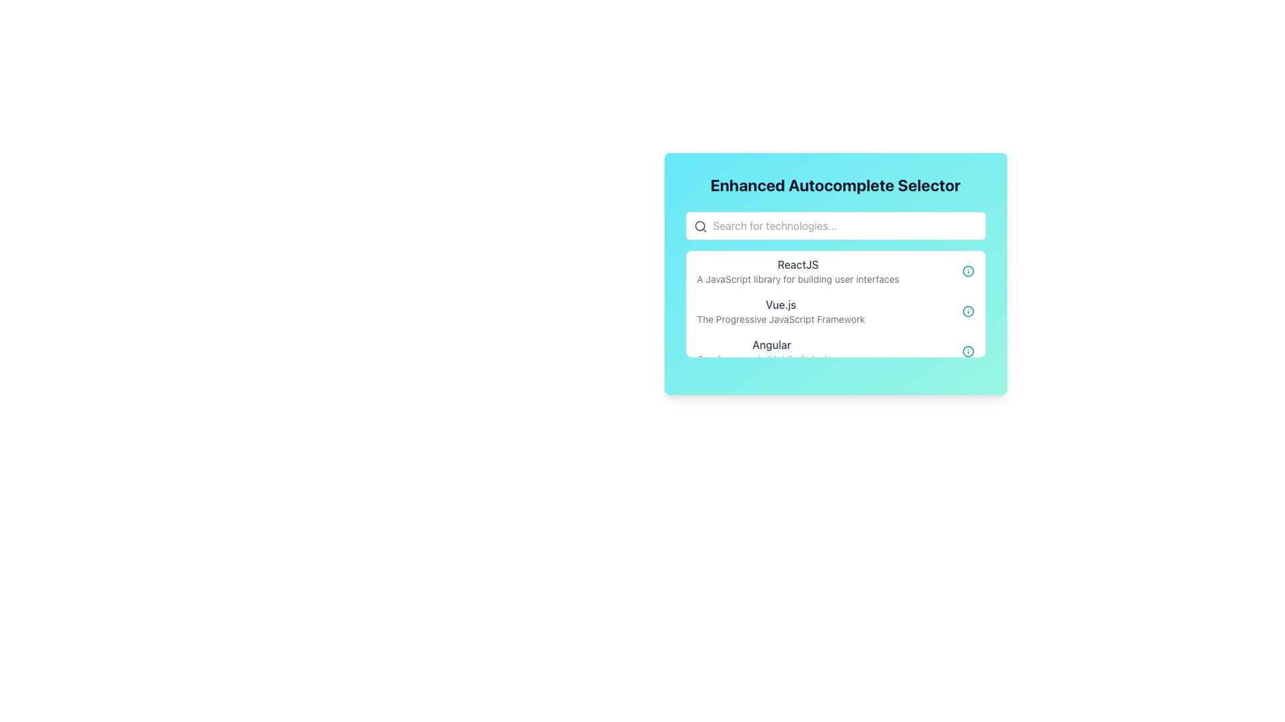  I want to click on the SVG circle element located in the bottom right corner of the card interface, which is part of an interactive icon, so click(968, 391).